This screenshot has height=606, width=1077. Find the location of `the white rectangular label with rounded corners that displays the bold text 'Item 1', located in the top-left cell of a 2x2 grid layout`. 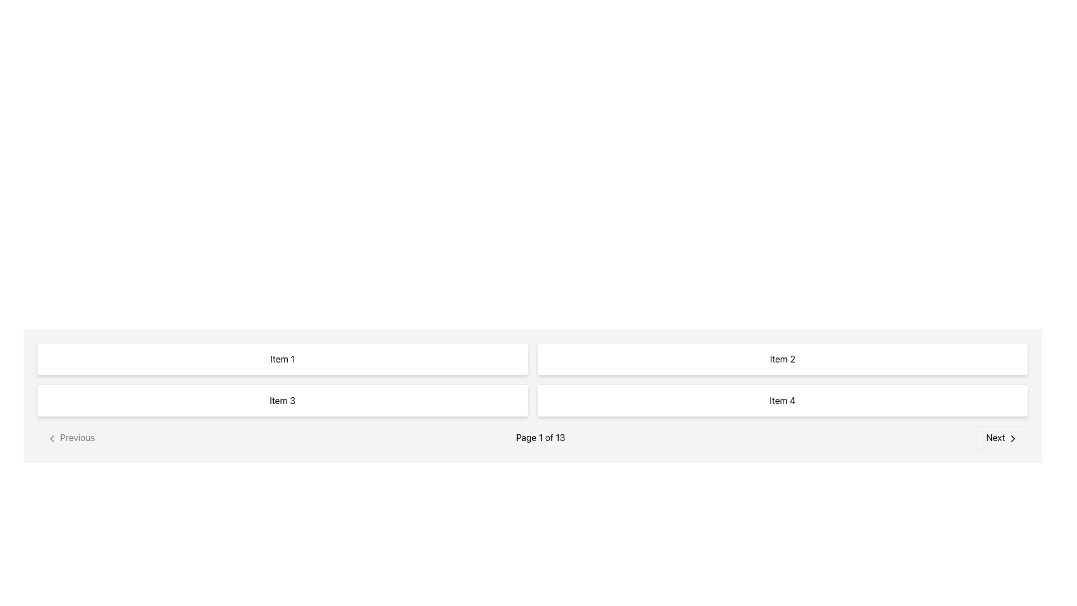

the white rectangular label with rounded corners that displays the bold text 'Item 1', located in the top-left cell of a 2x2 grid layout is located at coordinates (282, 359).